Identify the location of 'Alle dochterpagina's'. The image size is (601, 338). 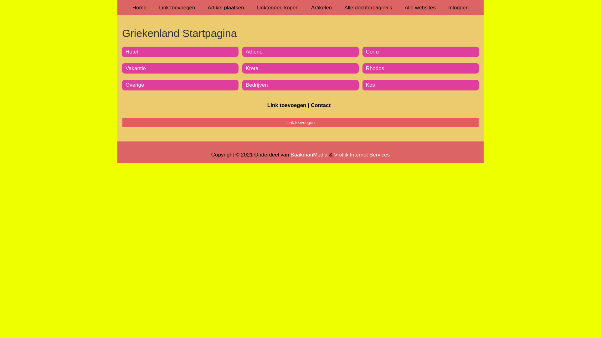
(368, 8).